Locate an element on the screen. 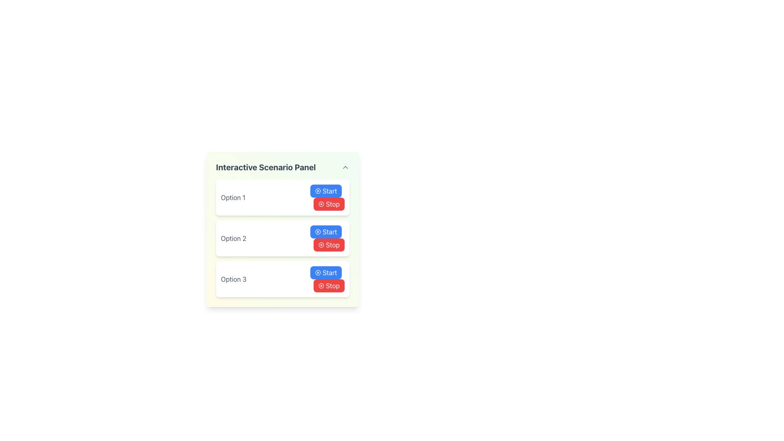 Image resolution: width=784 pixels, height=441 pixels. the dropdown arrow icon on the header labeled 'Interactive Scenario Panel' is located at coordinates (283, 167).